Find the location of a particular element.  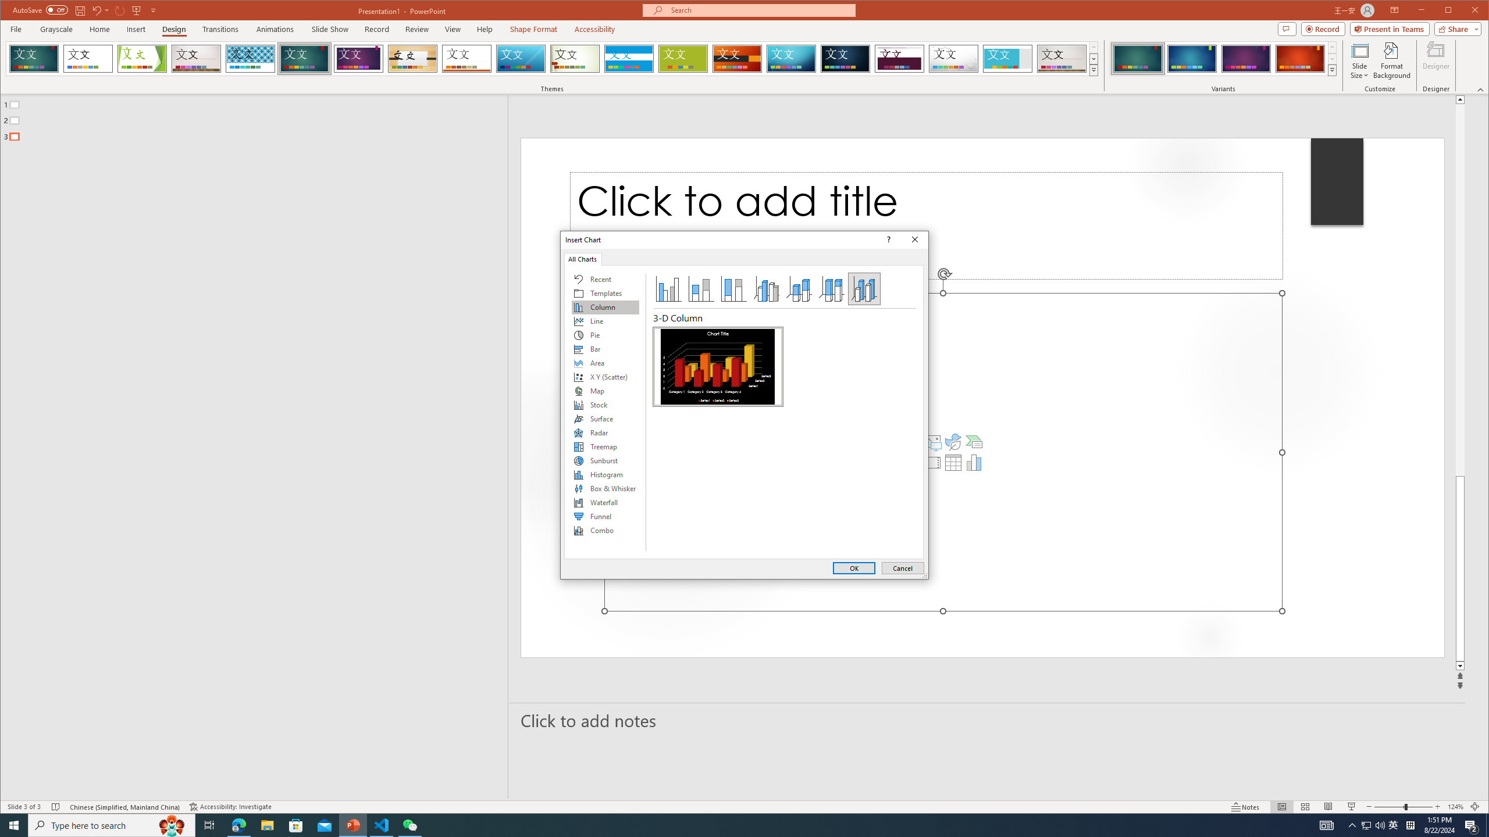

'Ion Variant 1' is located at coordinates (1137, 58).